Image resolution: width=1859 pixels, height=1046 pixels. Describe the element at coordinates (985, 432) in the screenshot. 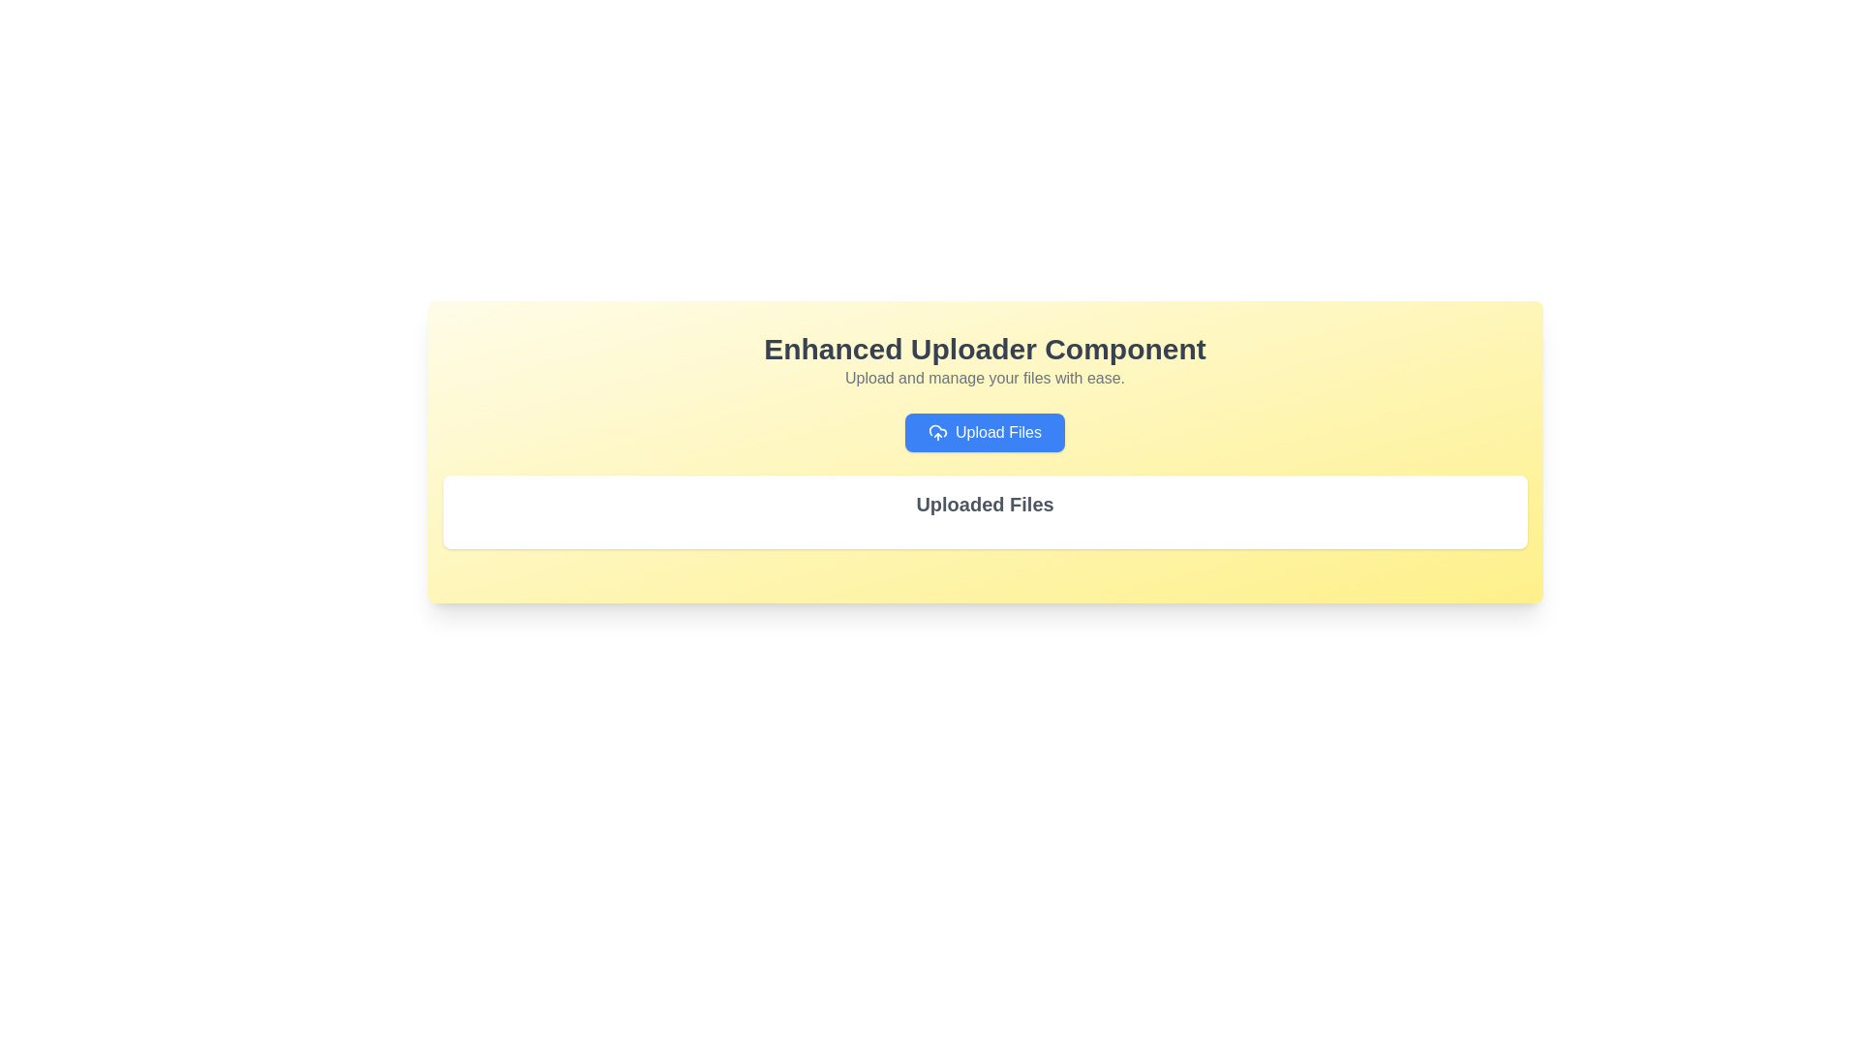

I see `the upload button located centrally in the upload module` at that location.